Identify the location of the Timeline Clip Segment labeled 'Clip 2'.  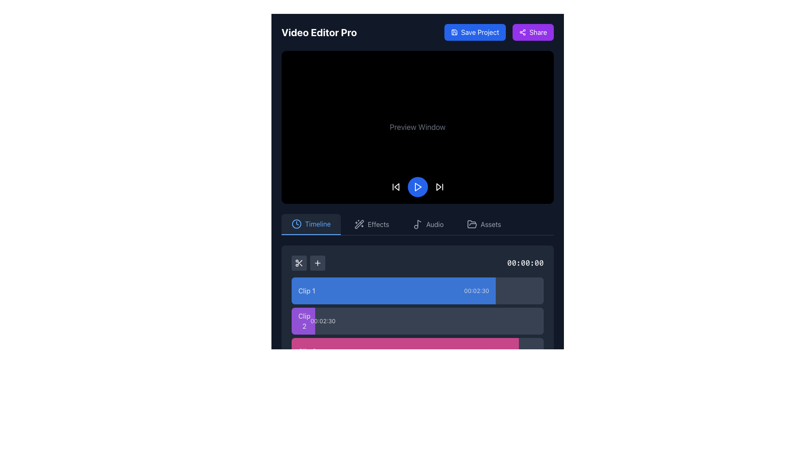
(417, 321).